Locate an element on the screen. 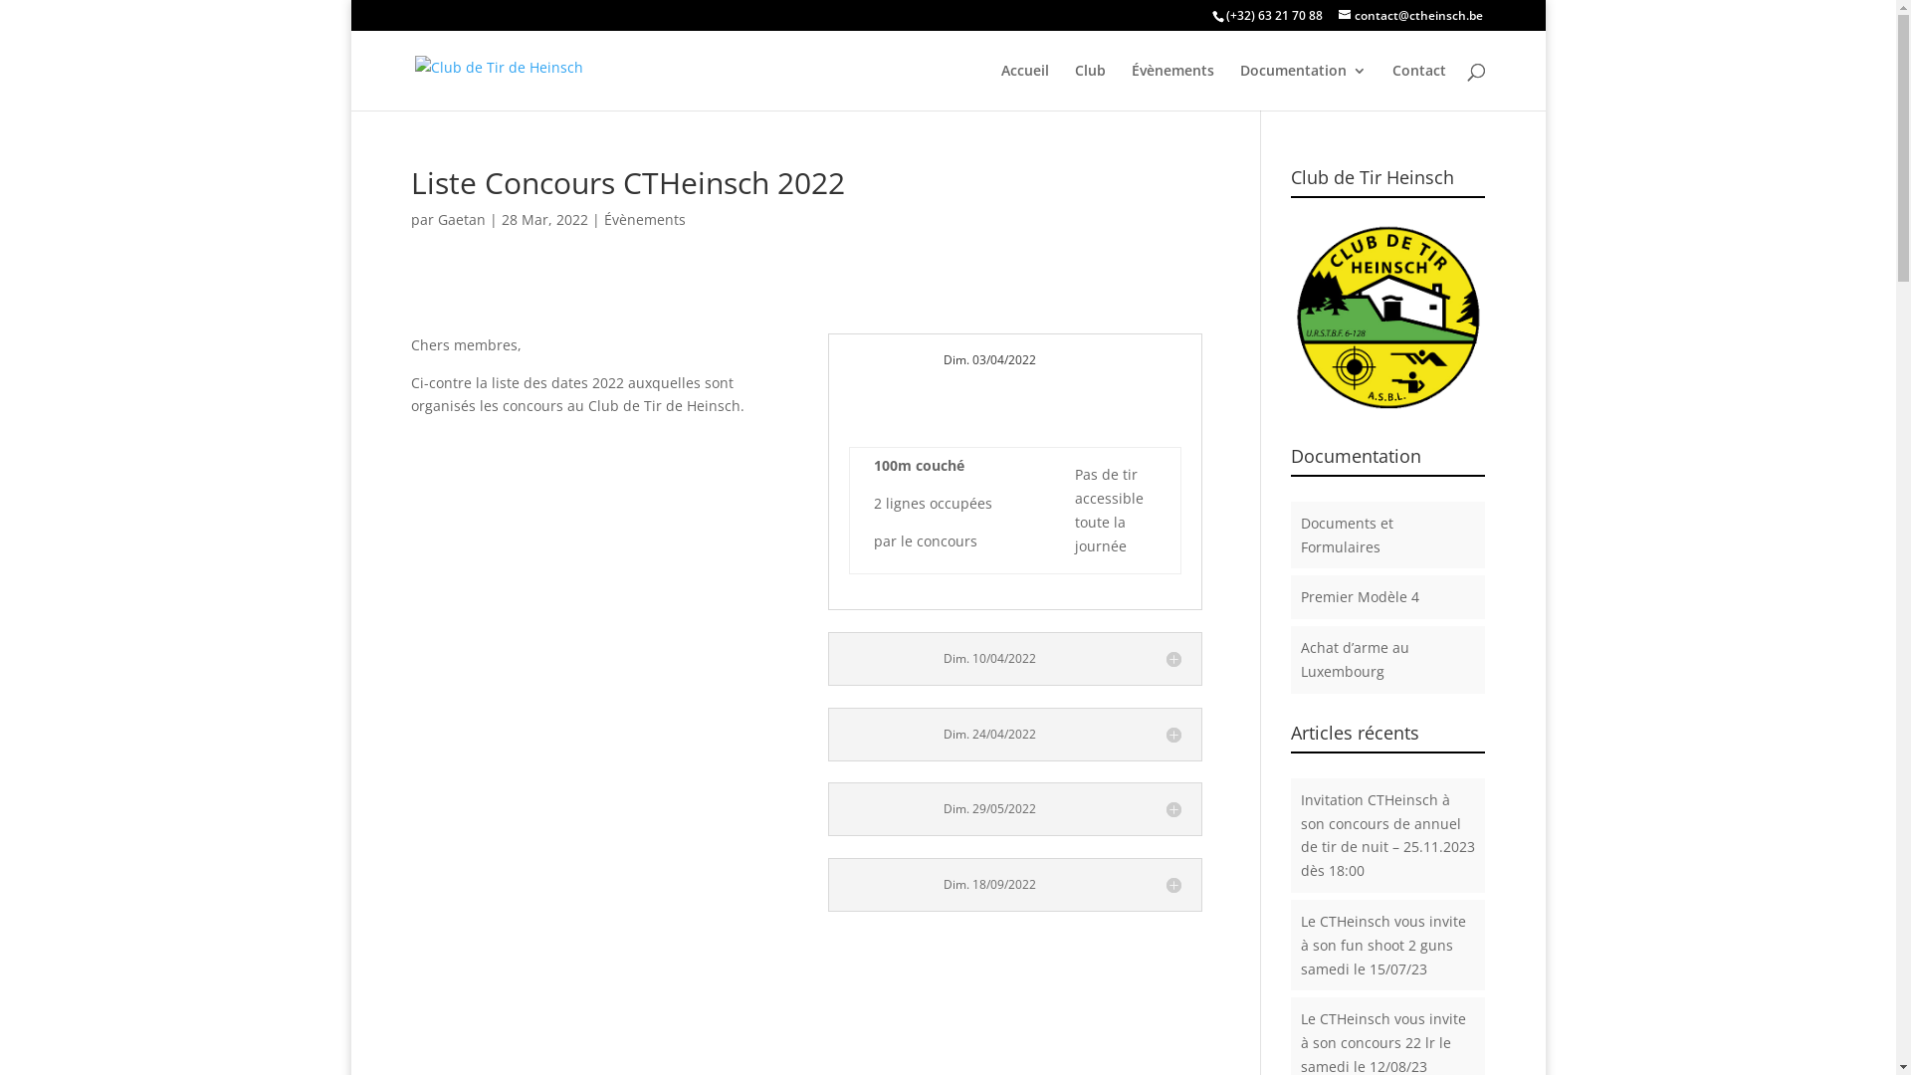 This screenshot has height=1075, width=1911. 'contact@ctheinsch.be' is located at coordinates (1408, 15).